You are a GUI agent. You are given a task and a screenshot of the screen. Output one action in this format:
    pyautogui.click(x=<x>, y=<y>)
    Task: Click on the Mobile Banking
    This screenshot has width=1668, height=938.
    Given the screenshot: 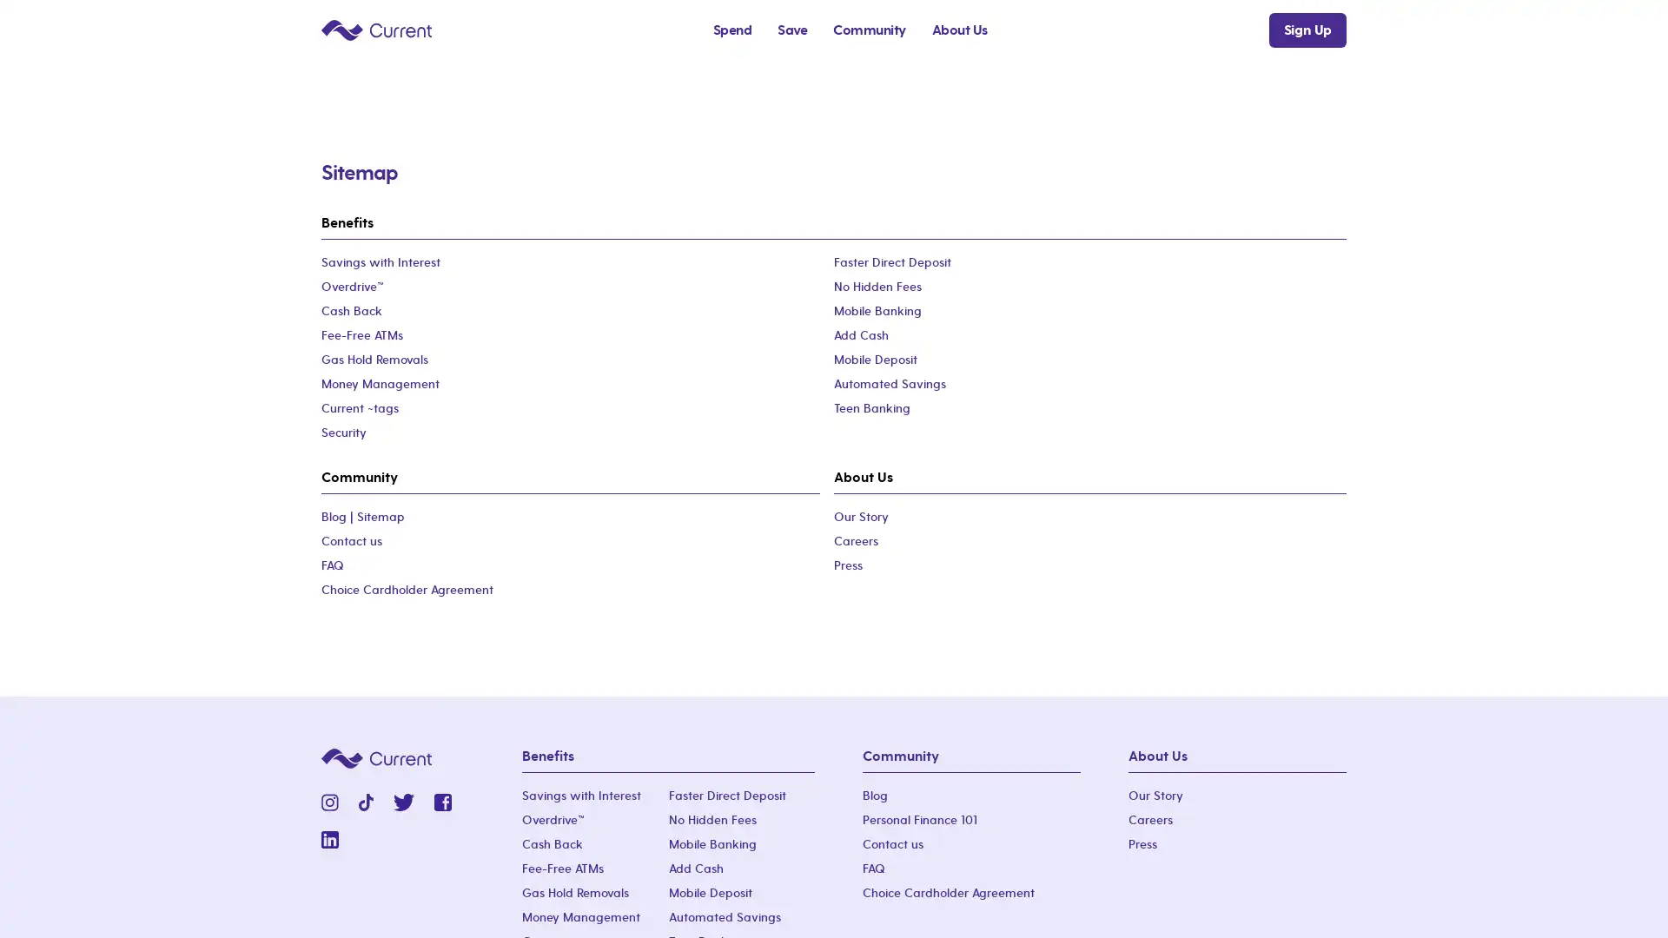 What is the action you would take?
    pyautogui.click(x=712, y=843)
    